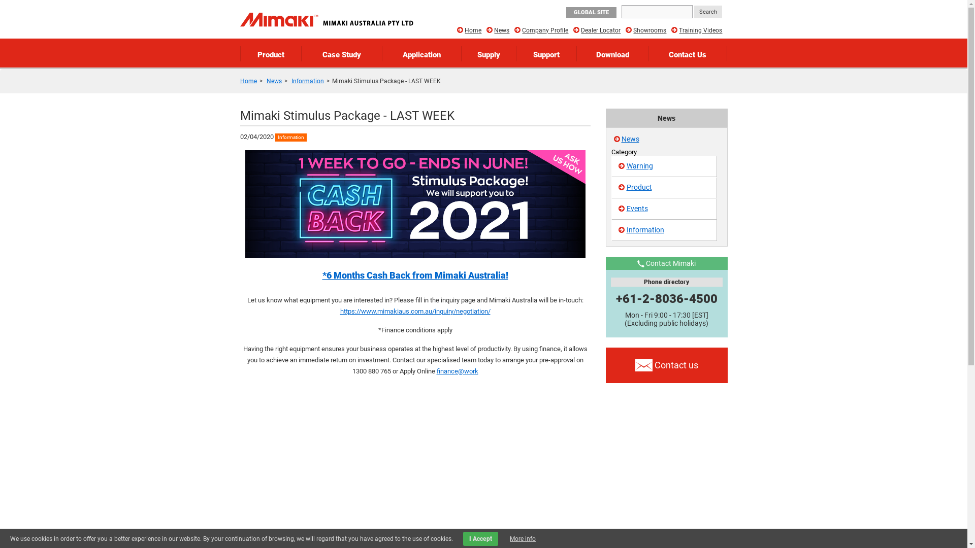  I want to click on 'GLOBAL SITE', so click(591, 12).